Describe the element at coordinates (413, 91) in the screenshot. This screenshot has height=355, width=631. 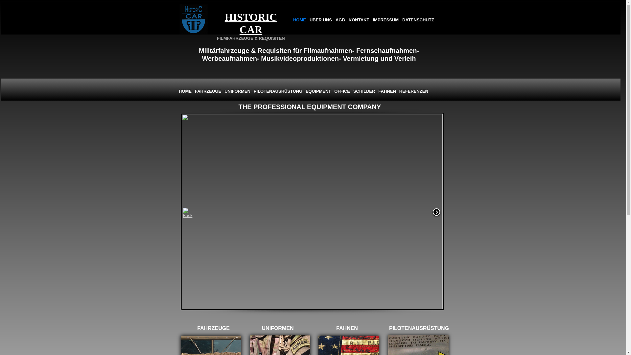
I see `'REFERENZEN'` at that location.